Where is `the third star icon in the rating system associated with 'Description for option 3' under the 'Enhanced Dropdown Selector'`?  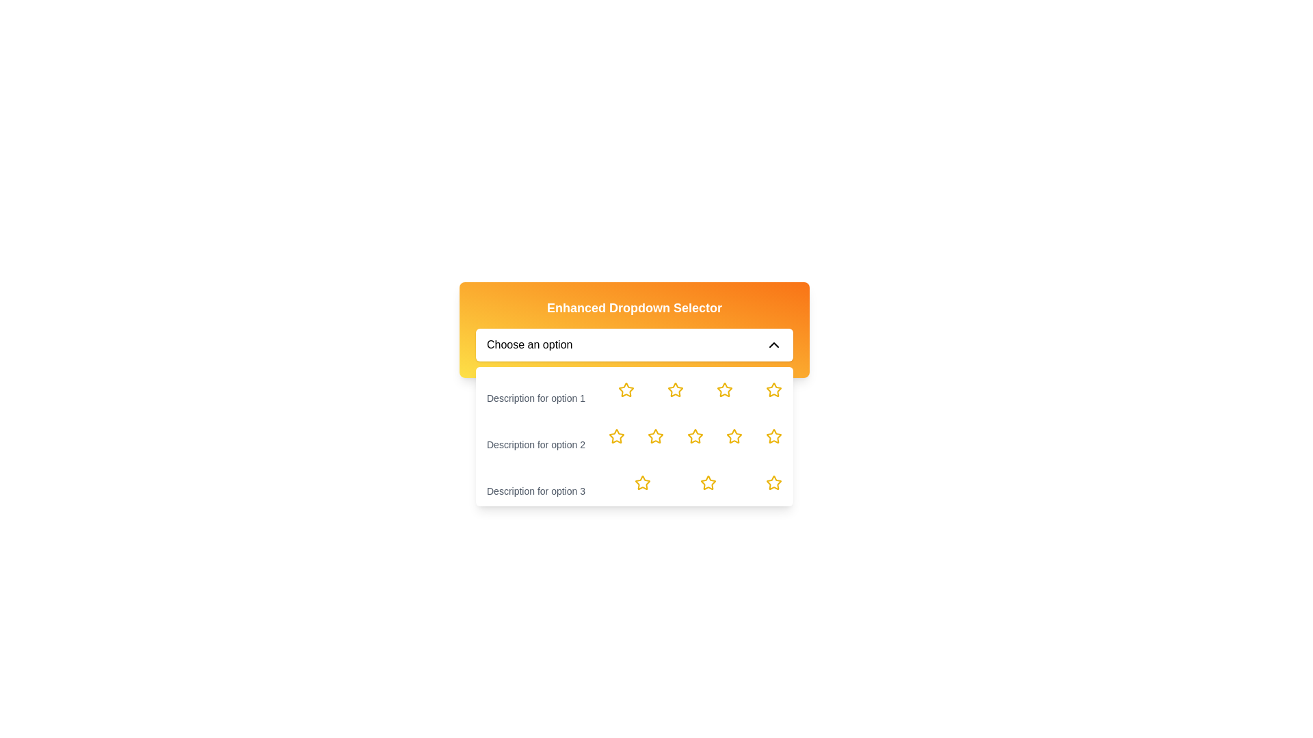 the third star icon in the rating system associated with 'Description for option 3' under the 'Enhanced Dropdown Selector' is located at coordinates (708, 482).